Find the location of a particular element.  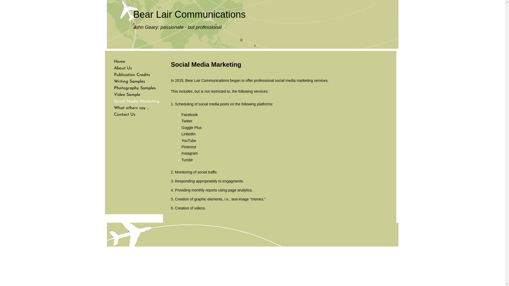

'Writing Samples' is located at coordinates (130, 82).